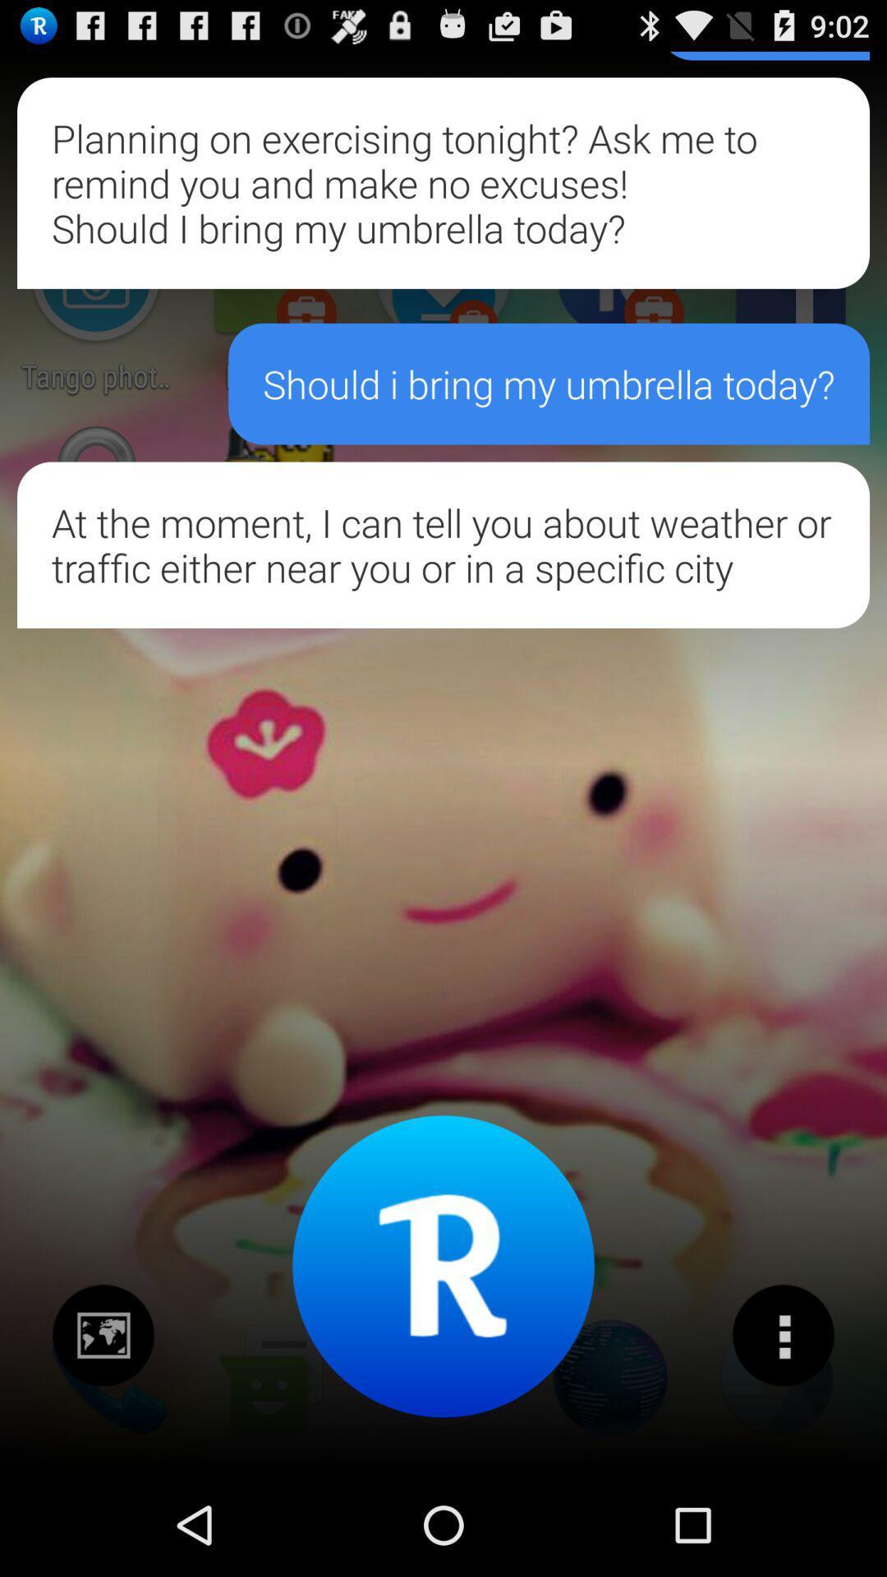 The image size is (887, 1577). Describe the element at coordinates (782, 1336) in the screenshot. I see `open menu` at that location.